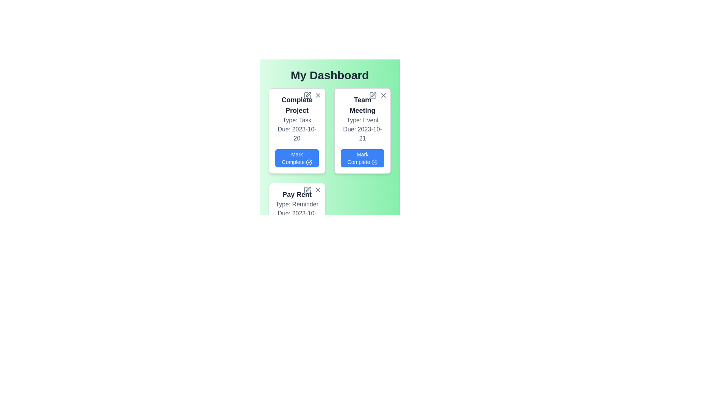  Describe the element at coordinates (318, 95) in the screenshot. I see `the small gray 'X' button located in the upper-right corner of the 'Complete Project' card` at that location.